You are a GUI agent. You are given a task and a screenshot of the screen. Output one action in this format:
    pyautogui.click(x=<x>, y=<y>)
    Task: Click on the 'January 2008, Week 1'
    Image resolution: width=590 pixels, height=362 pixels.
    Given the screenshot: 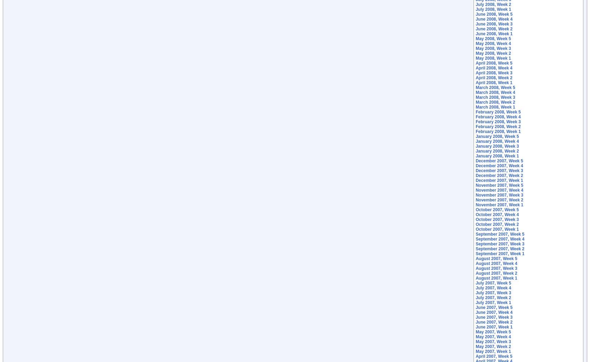 What is the action you would take?
    pyautogui.click(x=497, y=156)
    